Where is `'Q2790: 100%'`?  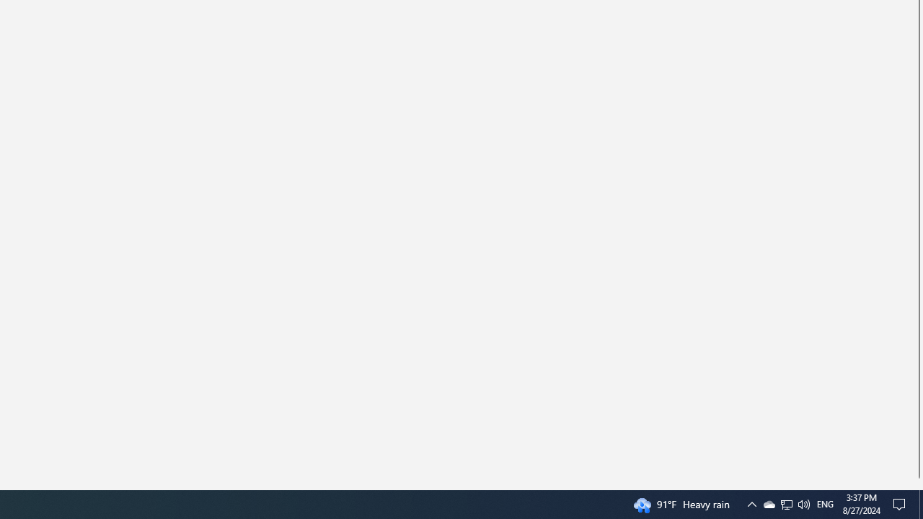 'Q2790: 100%' is located at coordinates (803, 503).